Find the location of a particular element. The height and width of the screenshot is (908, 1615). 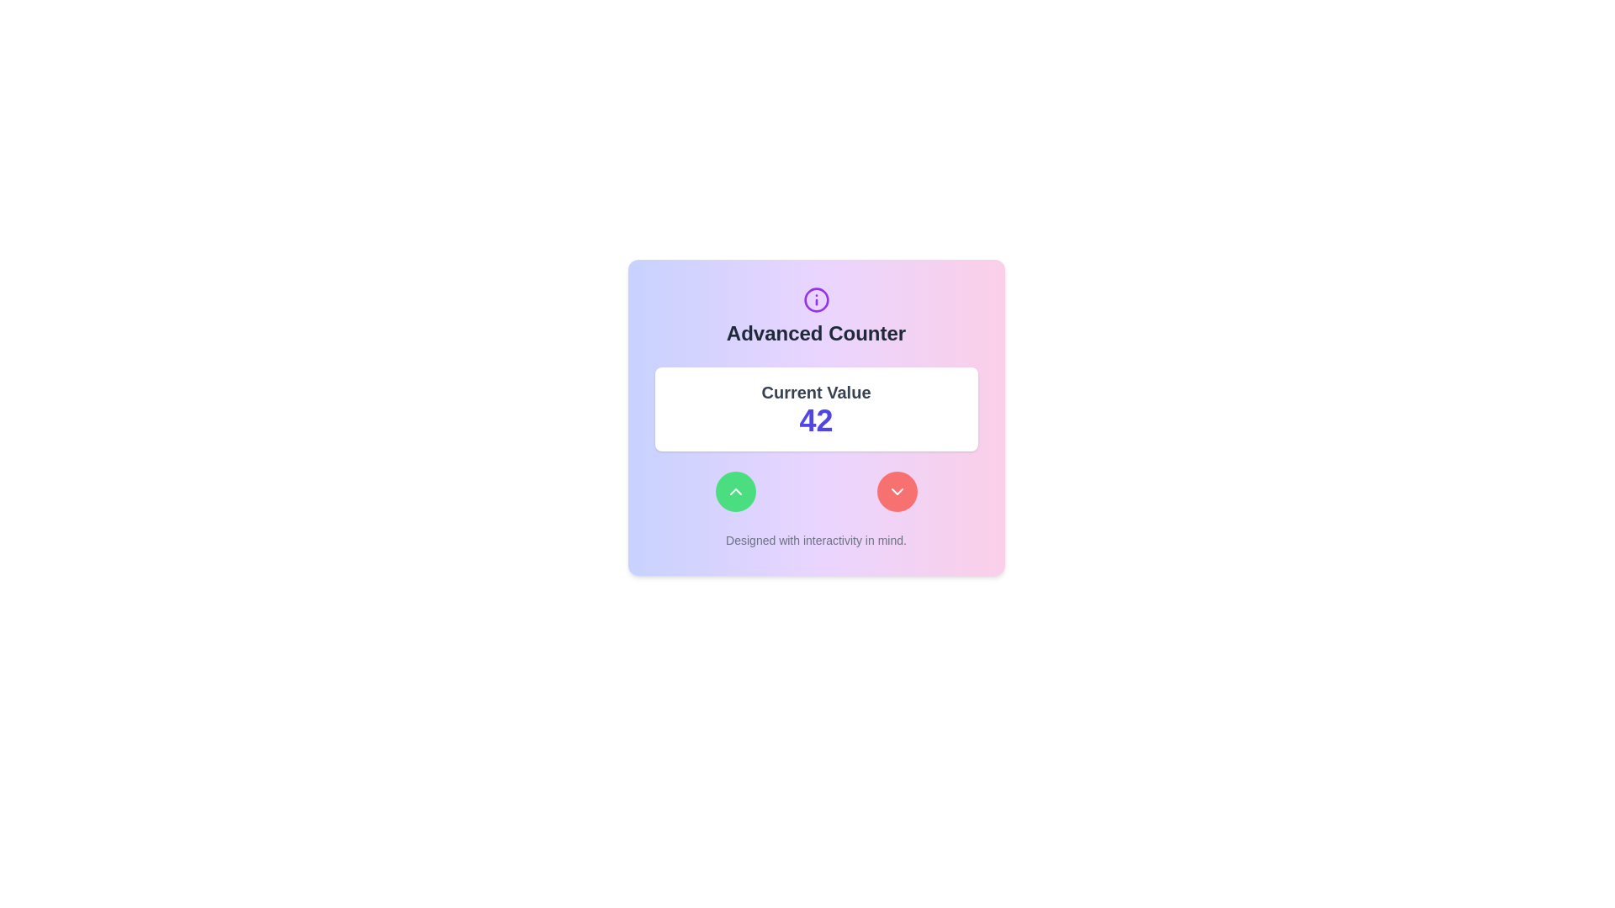

the downward-pointing chevron icon inside the red circular button located at the bottom-right section of the 'Advanced Counter' gradient card is located at coordinates (896, 492).